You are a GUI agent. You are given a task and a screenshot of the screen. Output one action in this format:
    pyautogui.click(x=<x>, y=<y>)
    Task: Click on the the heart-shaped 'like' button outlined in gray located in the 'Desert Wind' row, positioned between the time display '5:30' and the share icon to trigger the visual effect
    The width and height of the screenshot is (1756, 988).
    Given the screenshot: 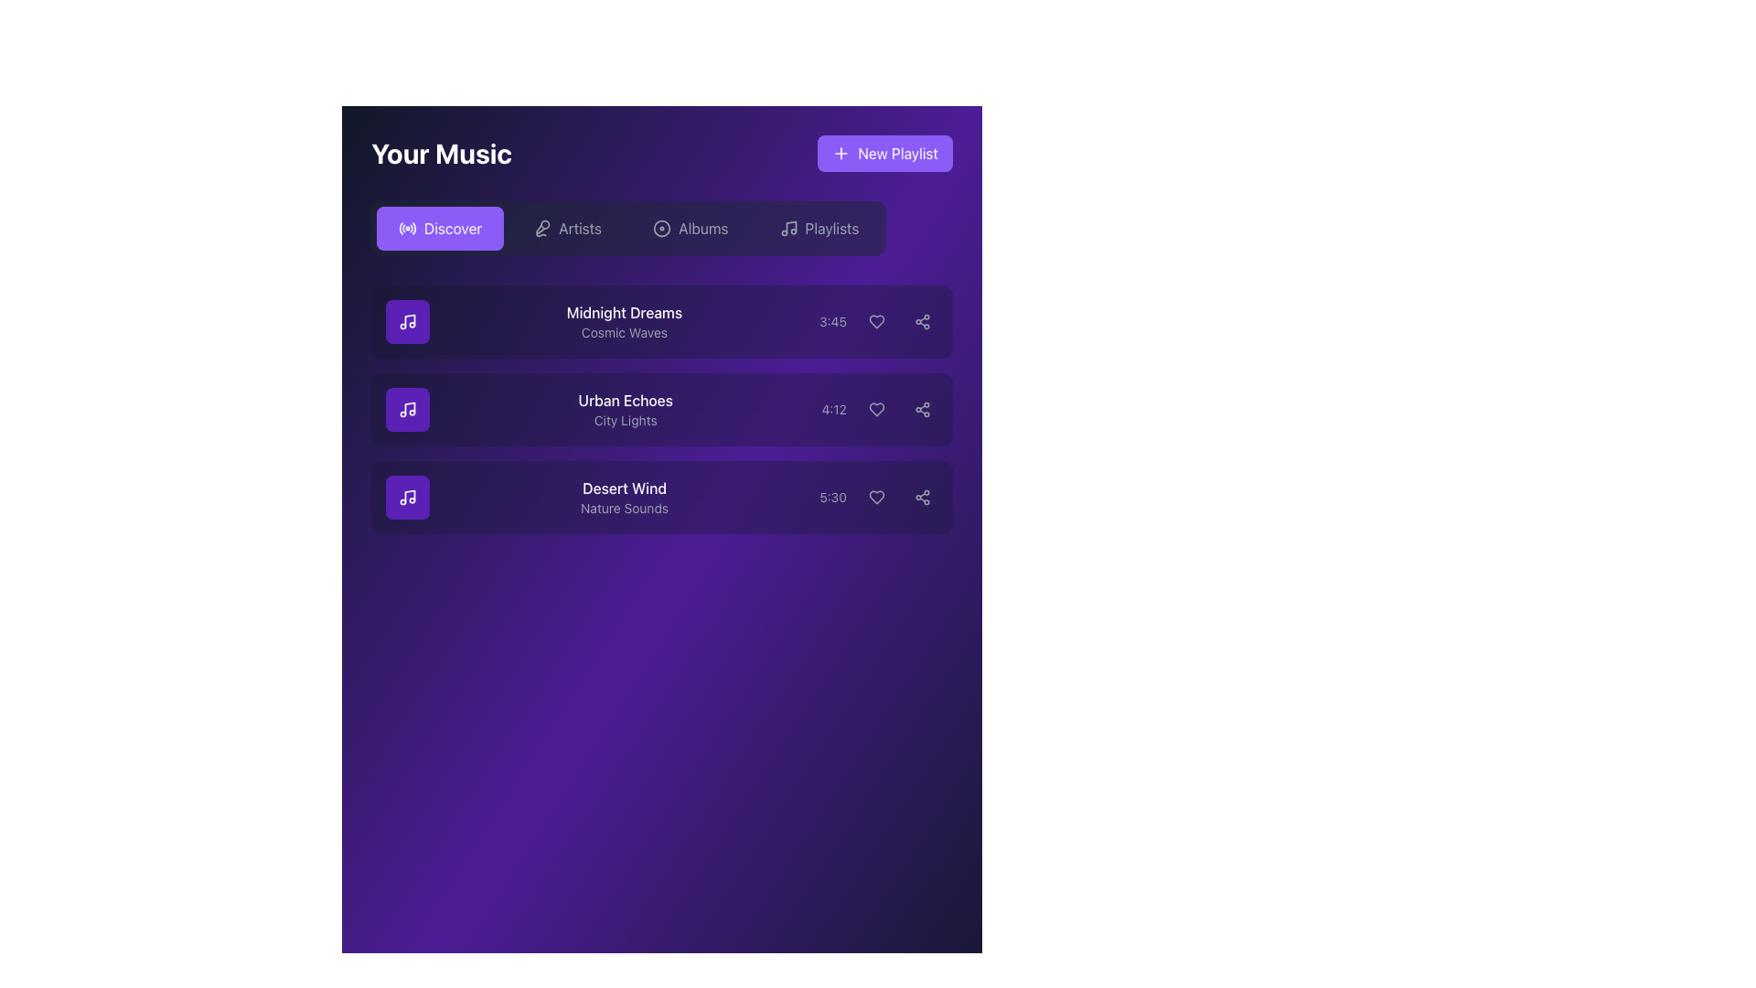 What is the action you would take?
    pyautogui.click(x=876, y=497)
    